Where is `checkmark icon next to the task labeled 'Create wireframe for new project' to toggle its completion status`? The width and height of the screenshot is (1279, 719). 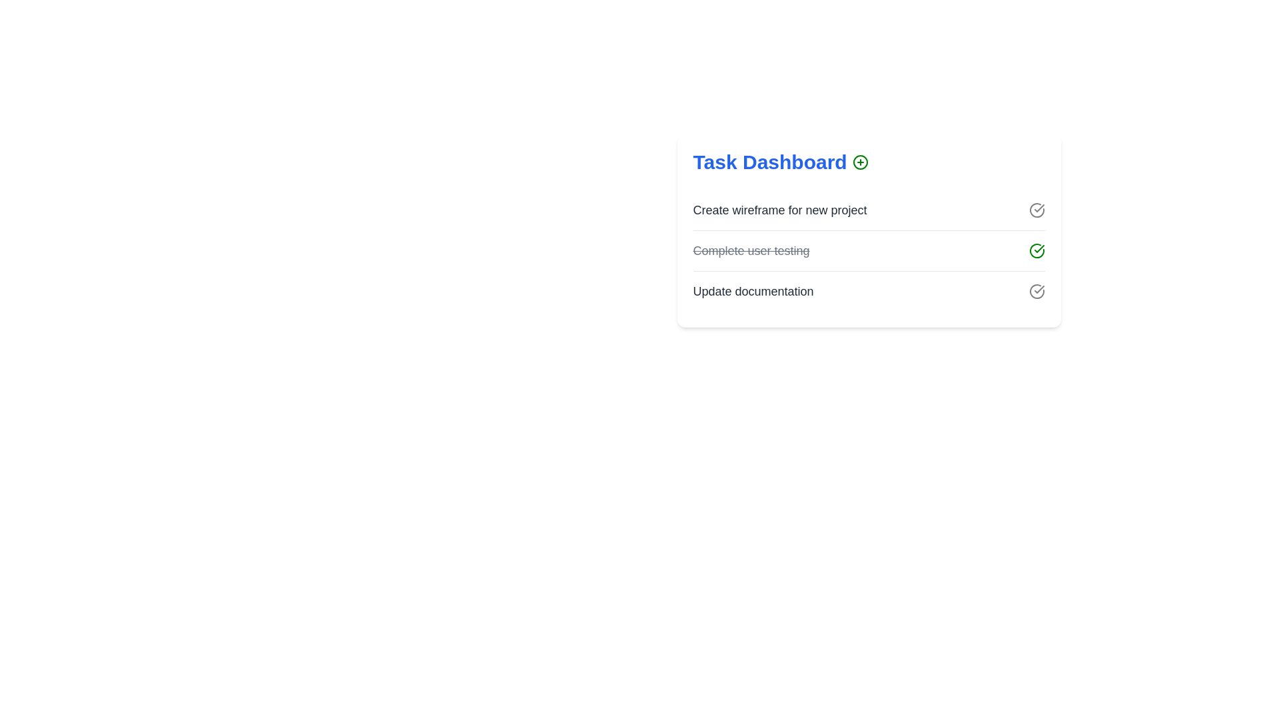 checkmark icon next to the task labeled 'Create wireframe for new project' to toggle its completion status is located at coordinates (1036, 210).